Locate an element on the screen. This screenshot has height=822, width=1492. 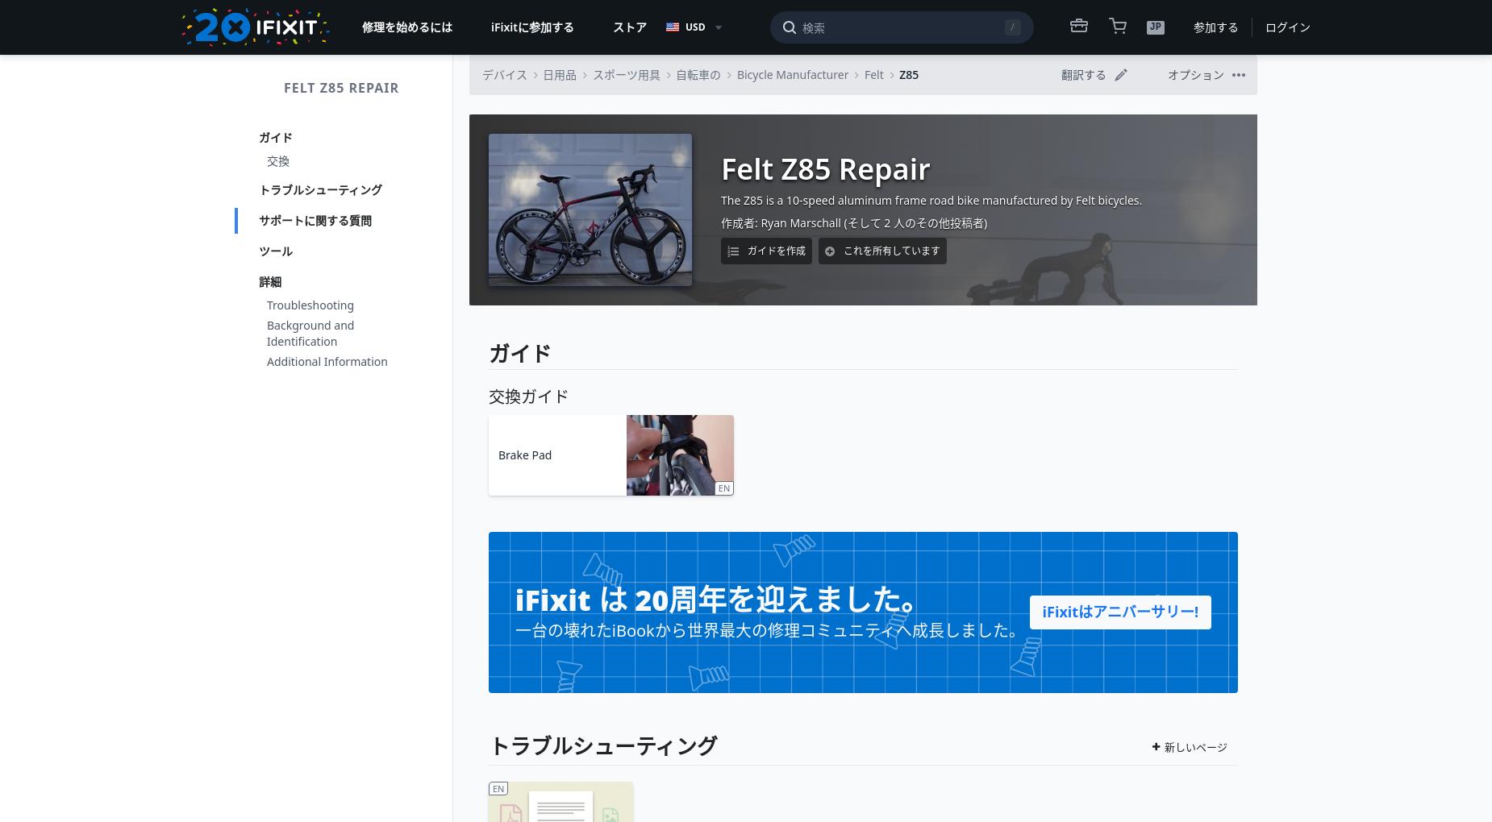
'JP' is located at coordinates (1155, 26).